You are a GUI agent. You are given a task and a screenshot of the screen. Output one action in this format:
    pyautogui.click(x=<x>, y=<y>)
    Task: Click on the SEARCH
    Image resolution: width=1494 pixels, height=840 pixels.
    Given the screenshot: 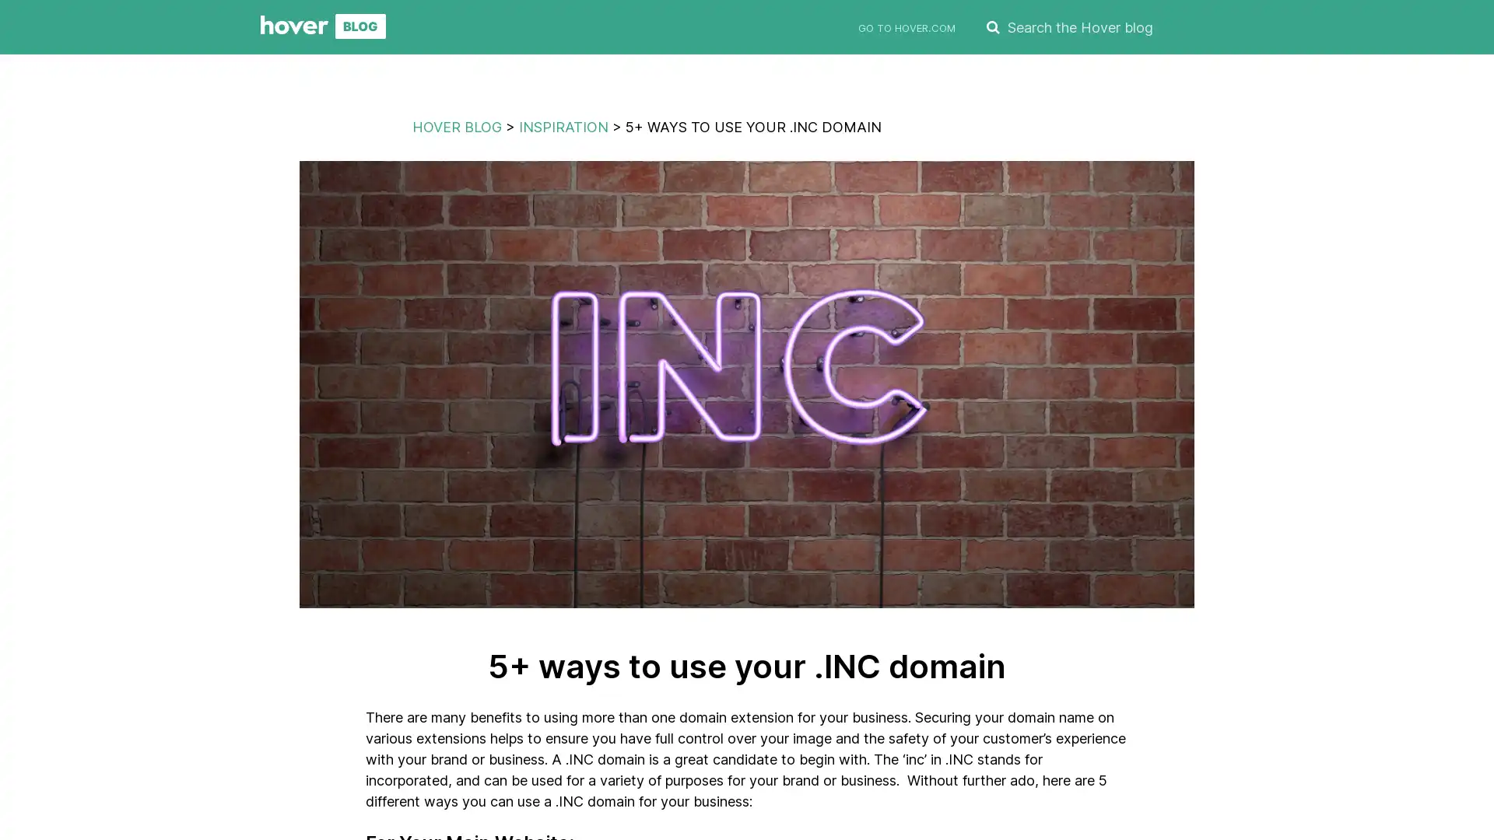 What is the action you would take?
    pyautogui.click(x=992, y=26)
    